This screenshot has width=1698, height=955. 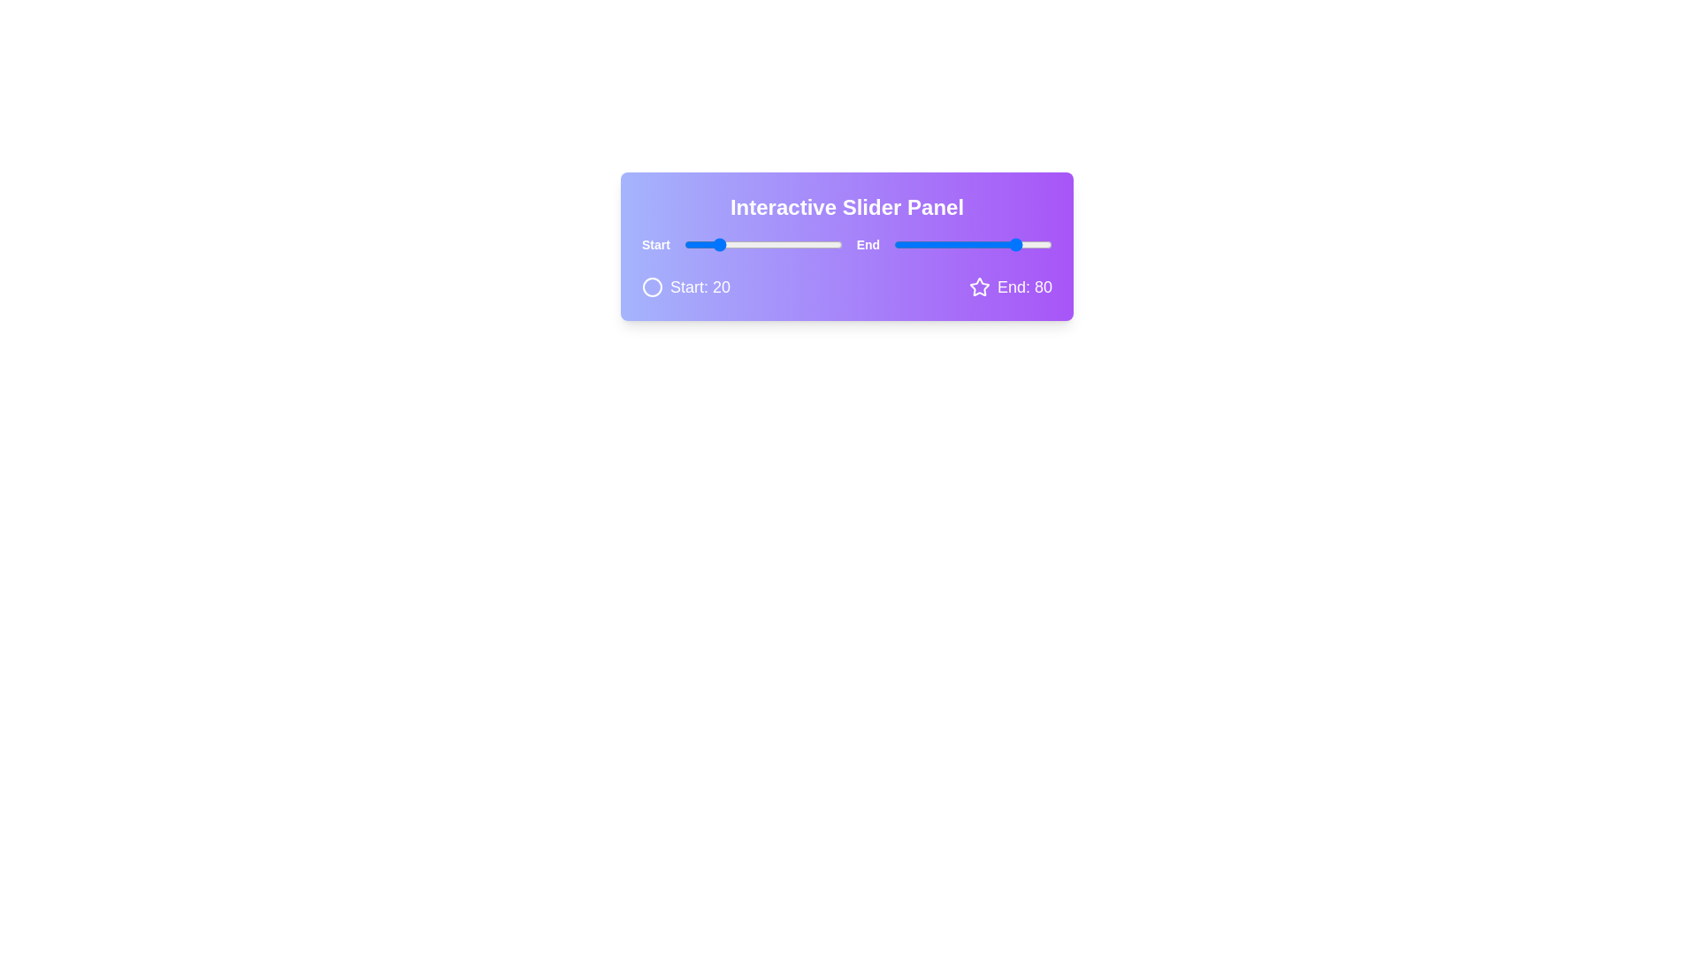 I want to click on the slider, so click(x=929, y=245).